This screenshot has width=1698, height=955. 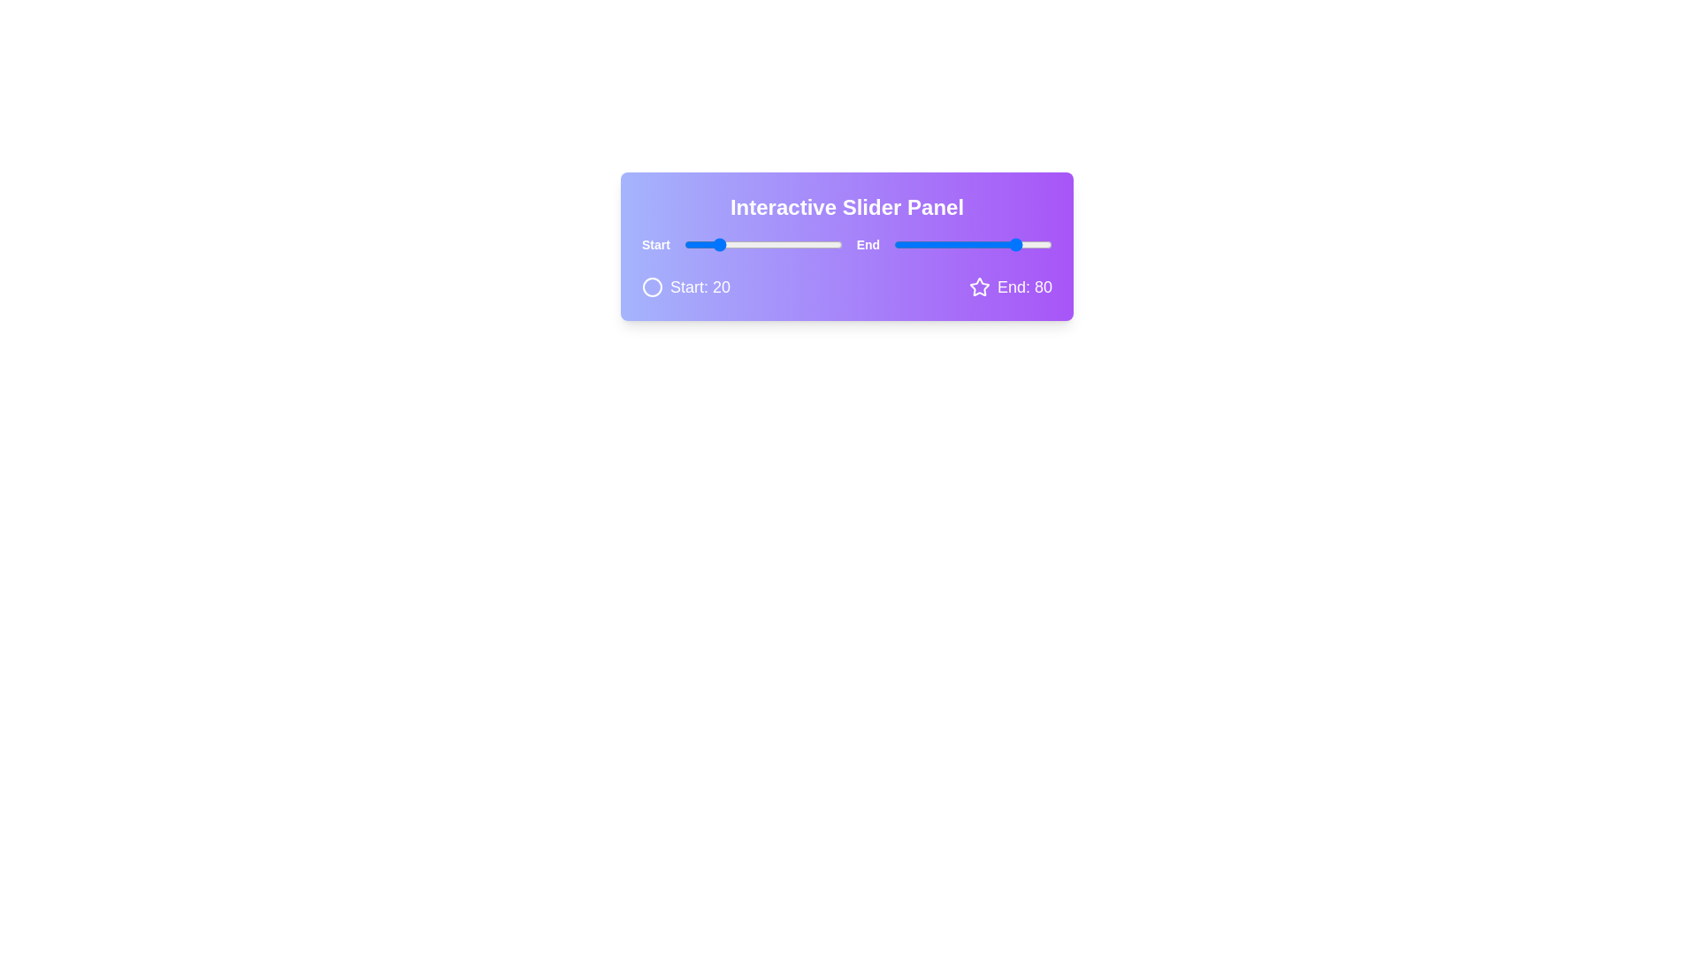 I want to click on the slider, so click(x=929, y=245).